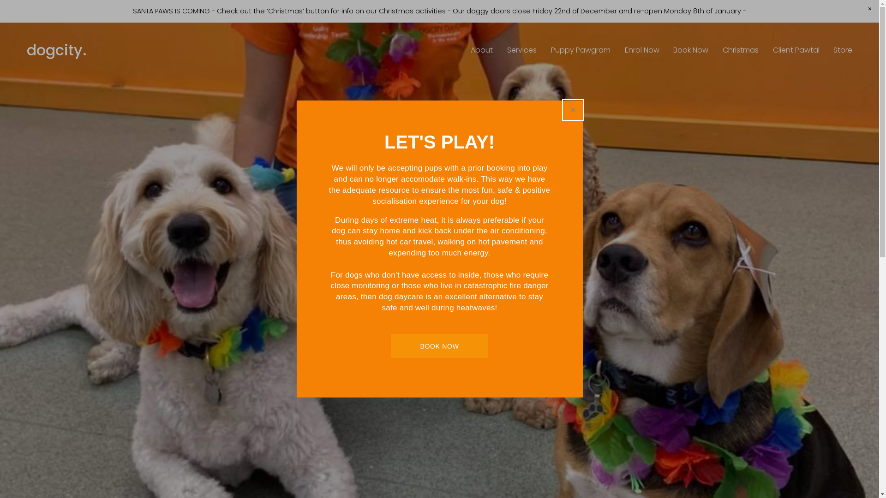 The width and height of the screenshot is (886, 498). Describe the element at coordinates (521, 330) in the screenshot. I see `'Grooming Pricelist'` at that location.